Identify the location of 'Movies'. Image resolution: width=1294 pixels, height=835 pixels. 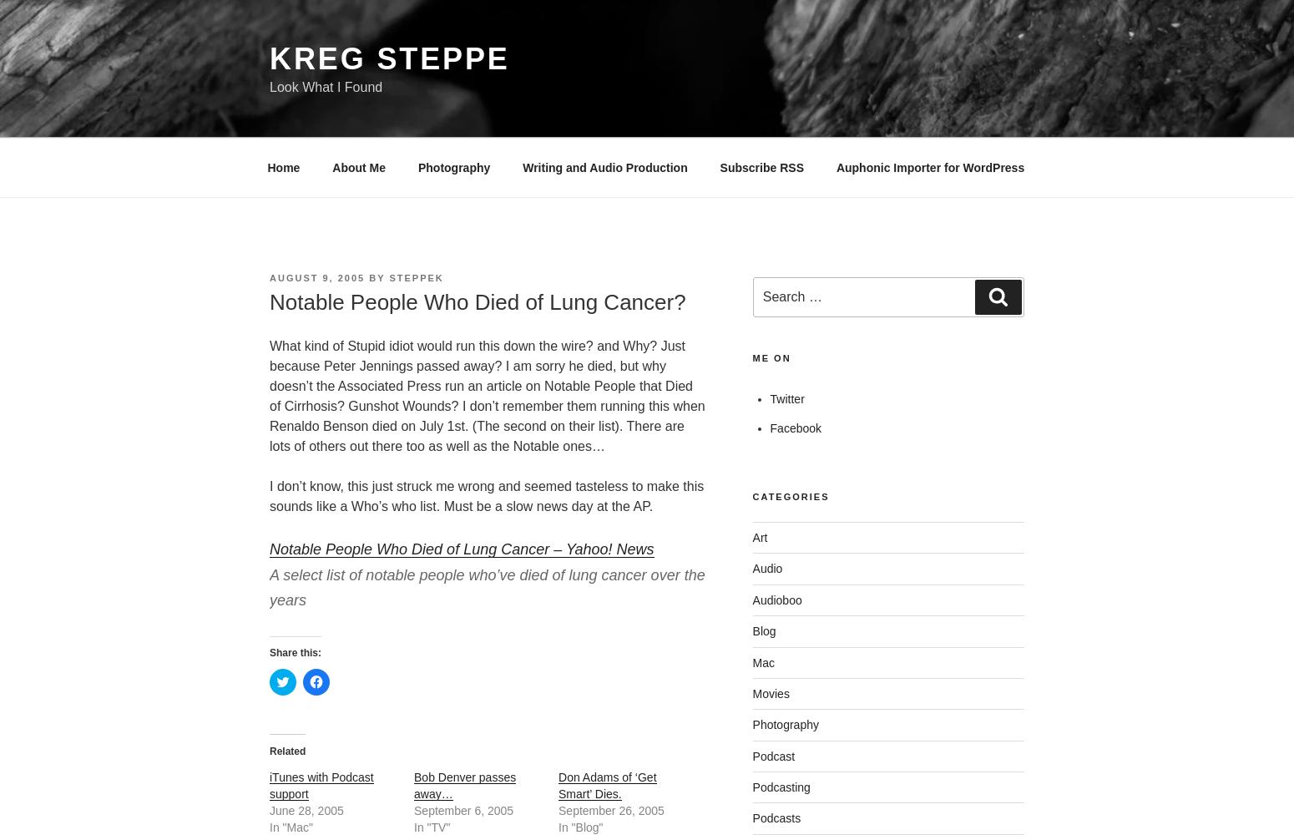
(771, 692).